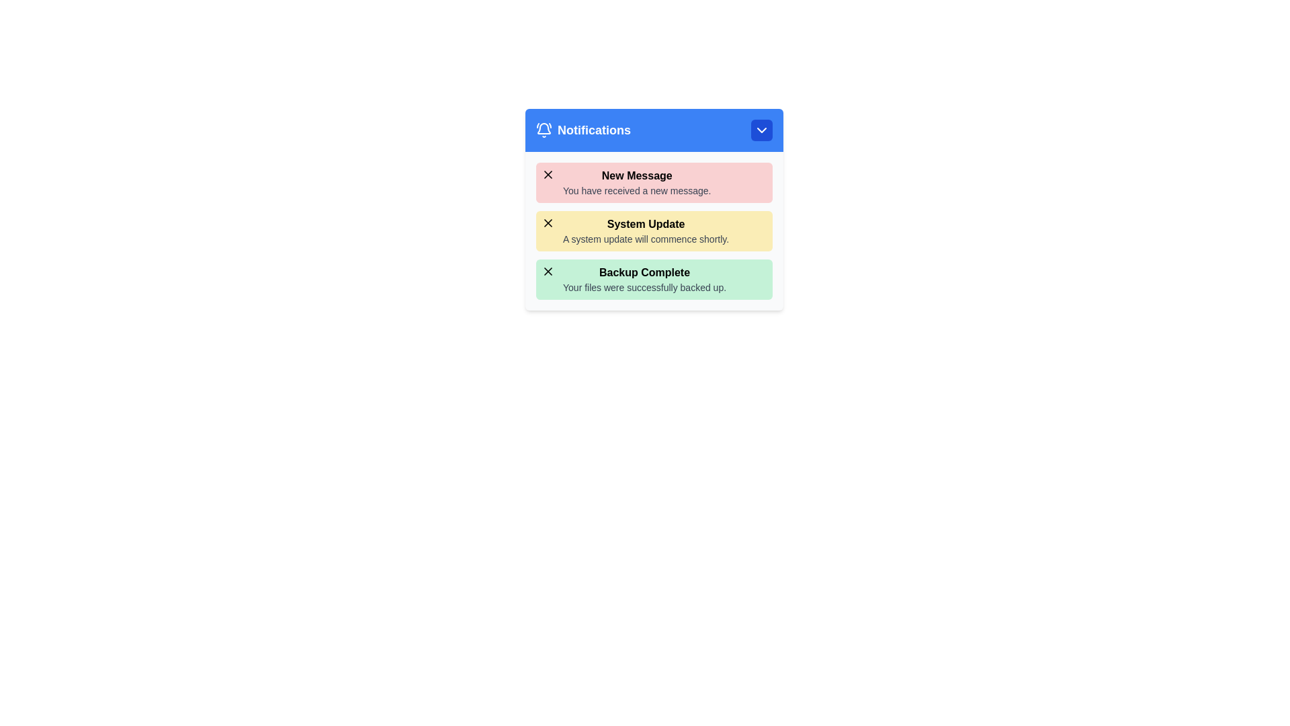  I want to click on the small black 'X' icon located in the red warning banner of the first notification under the 'Notifications' header card, right of 'New Message', so click(548, 173).